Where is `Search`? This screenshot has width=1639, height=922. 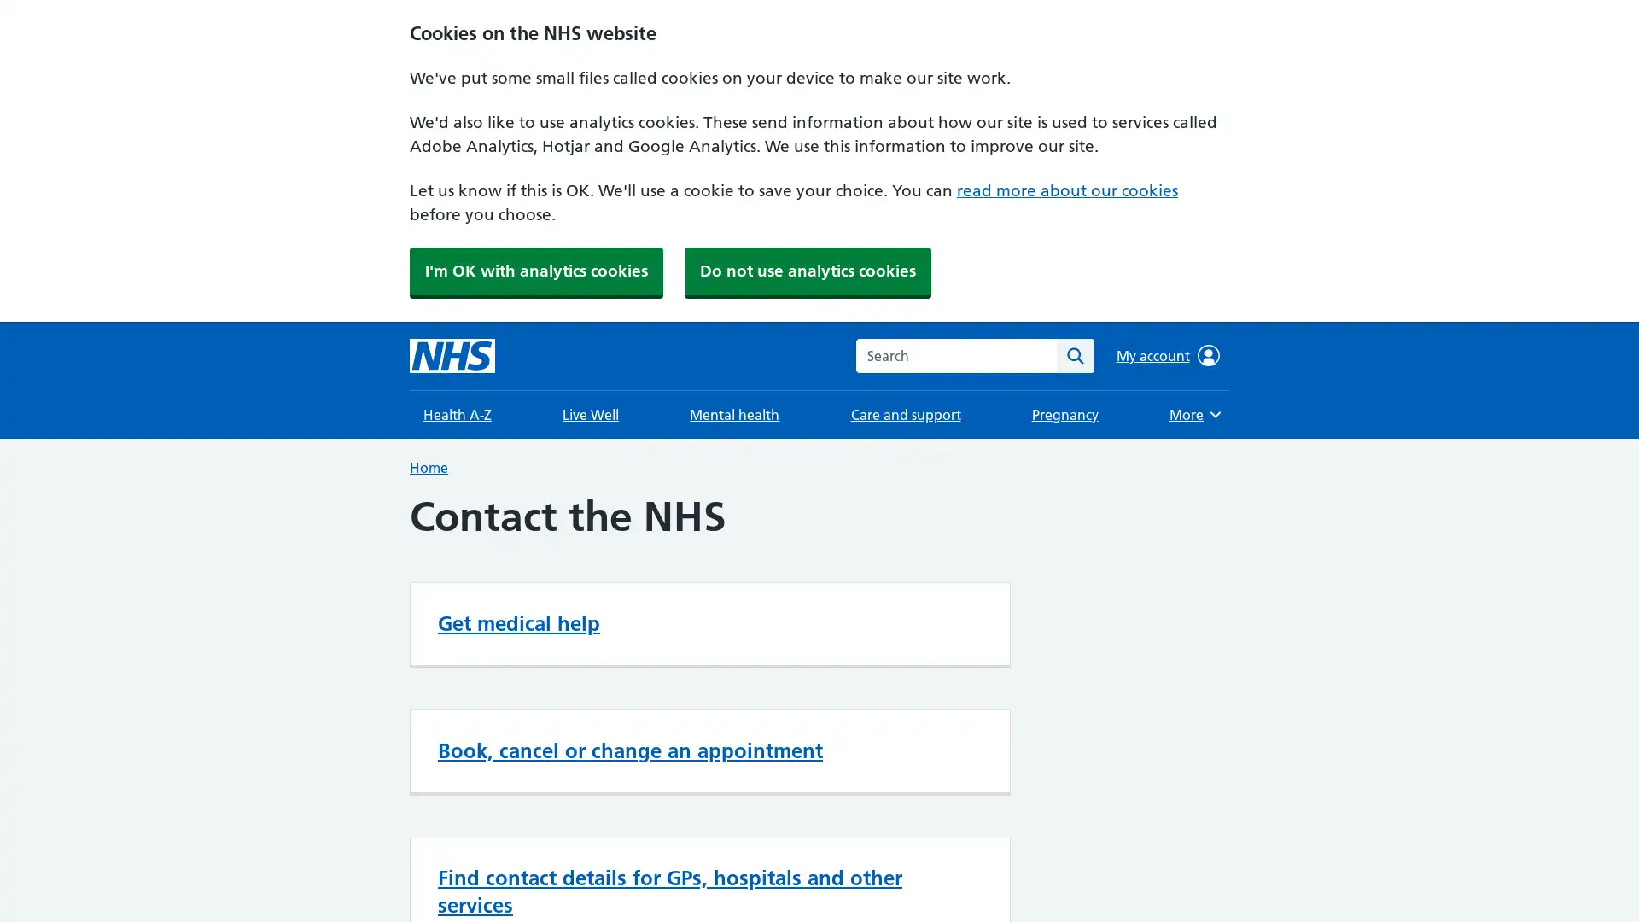
Search is located at coordinates (1074, 354).